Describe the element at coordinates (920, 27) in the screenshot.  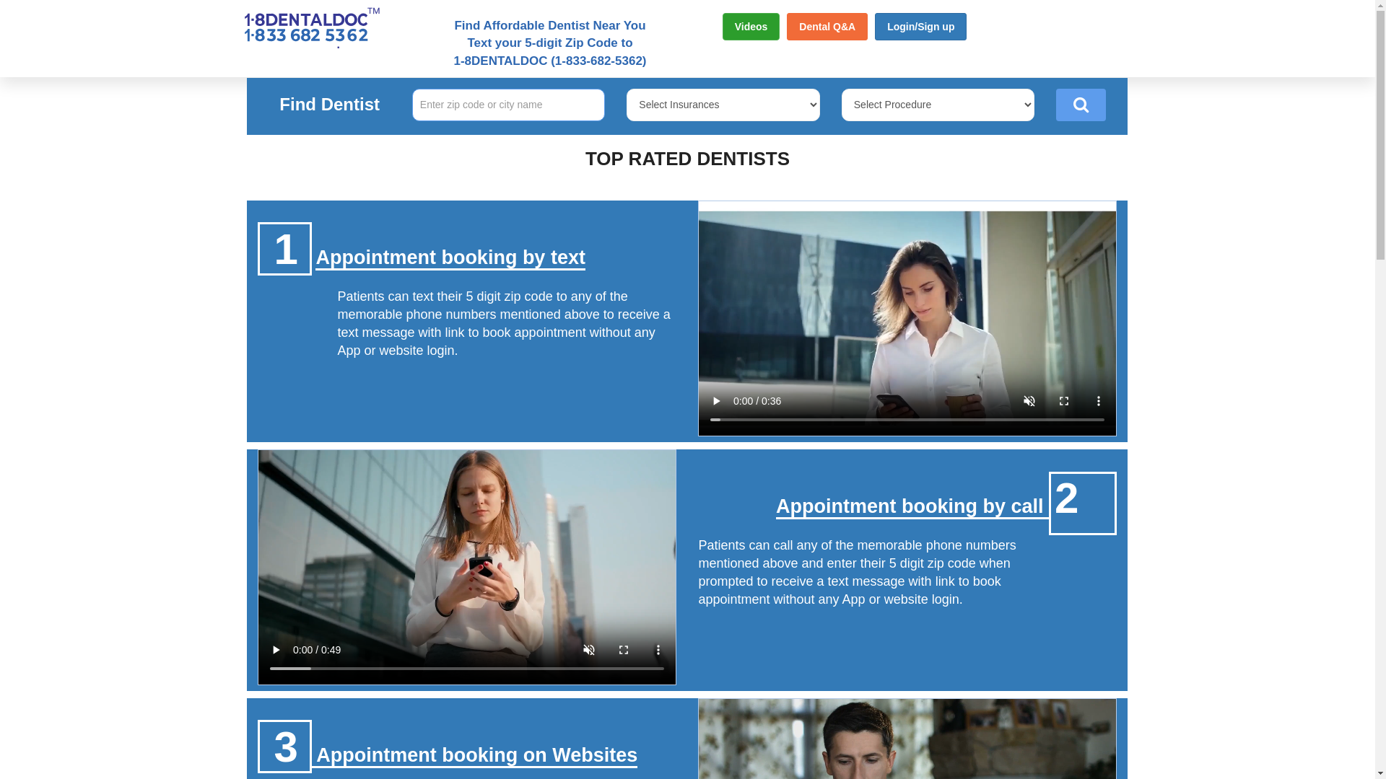
I see `'Login/Sign up'` at that location.